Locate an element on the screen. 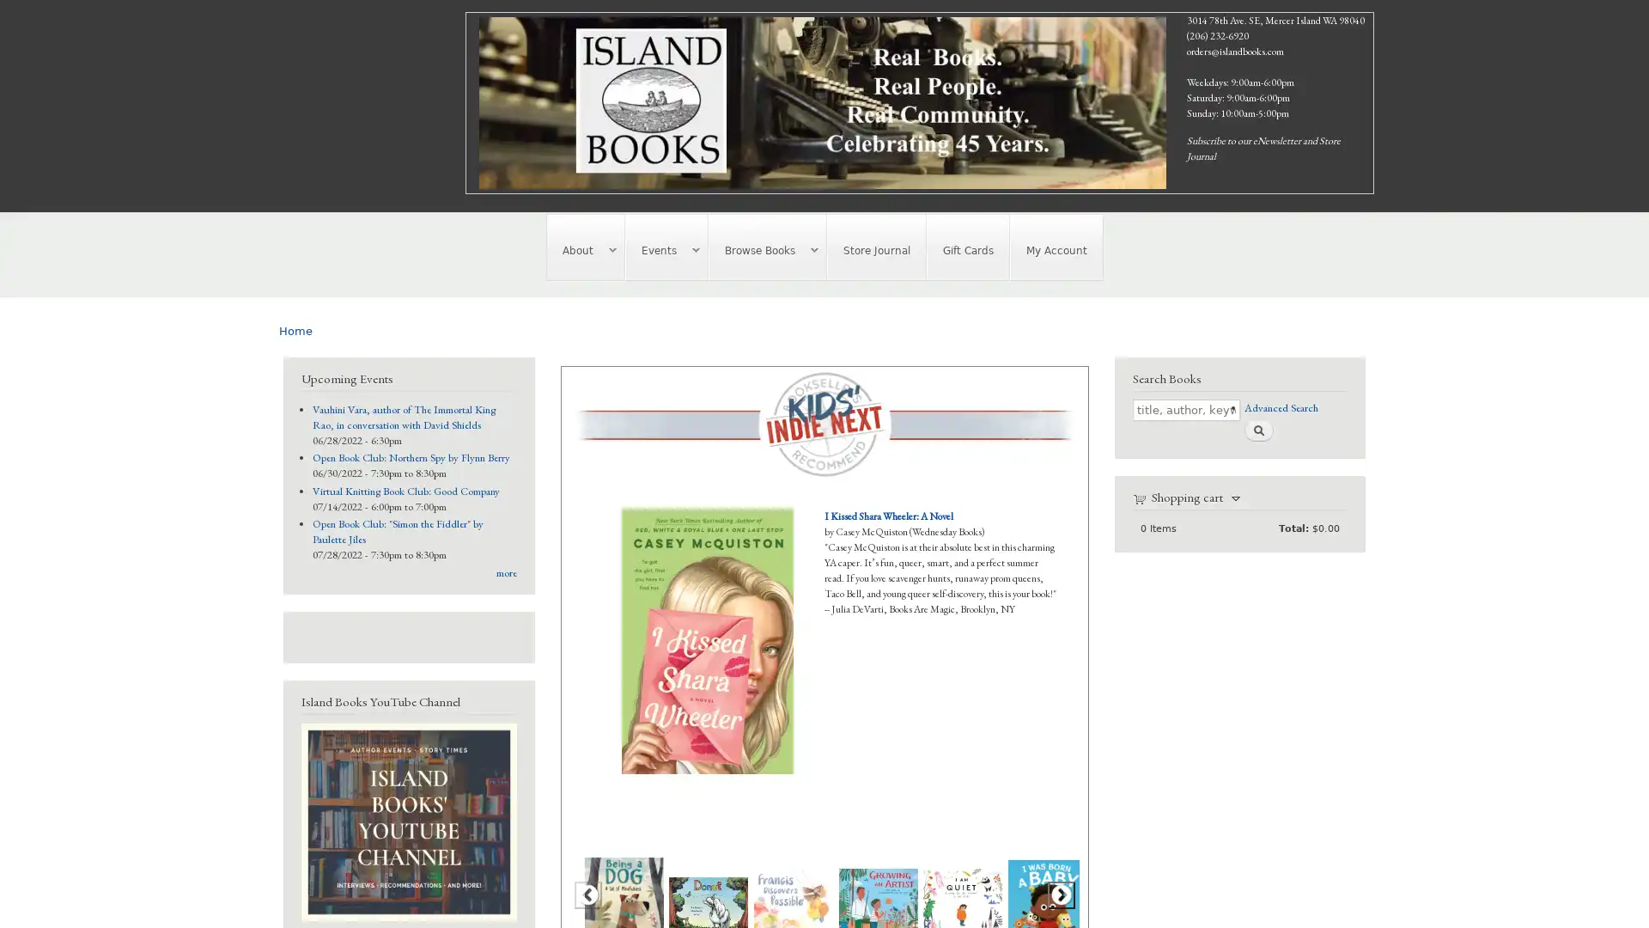  Next is located at coordinates (1059, 894).